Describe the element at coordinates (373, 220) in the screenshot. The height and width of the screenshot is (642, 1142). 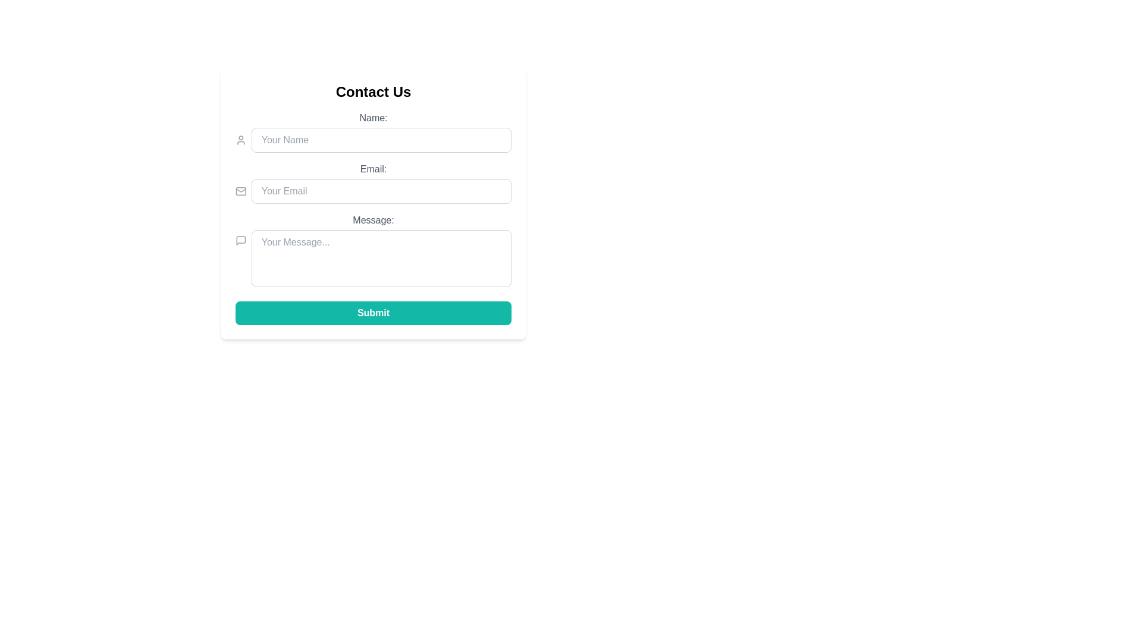
I see `text from the label that says 'Message:' which is styled in gray color and positioned above the large input area in the third section of the contact form` at that location.